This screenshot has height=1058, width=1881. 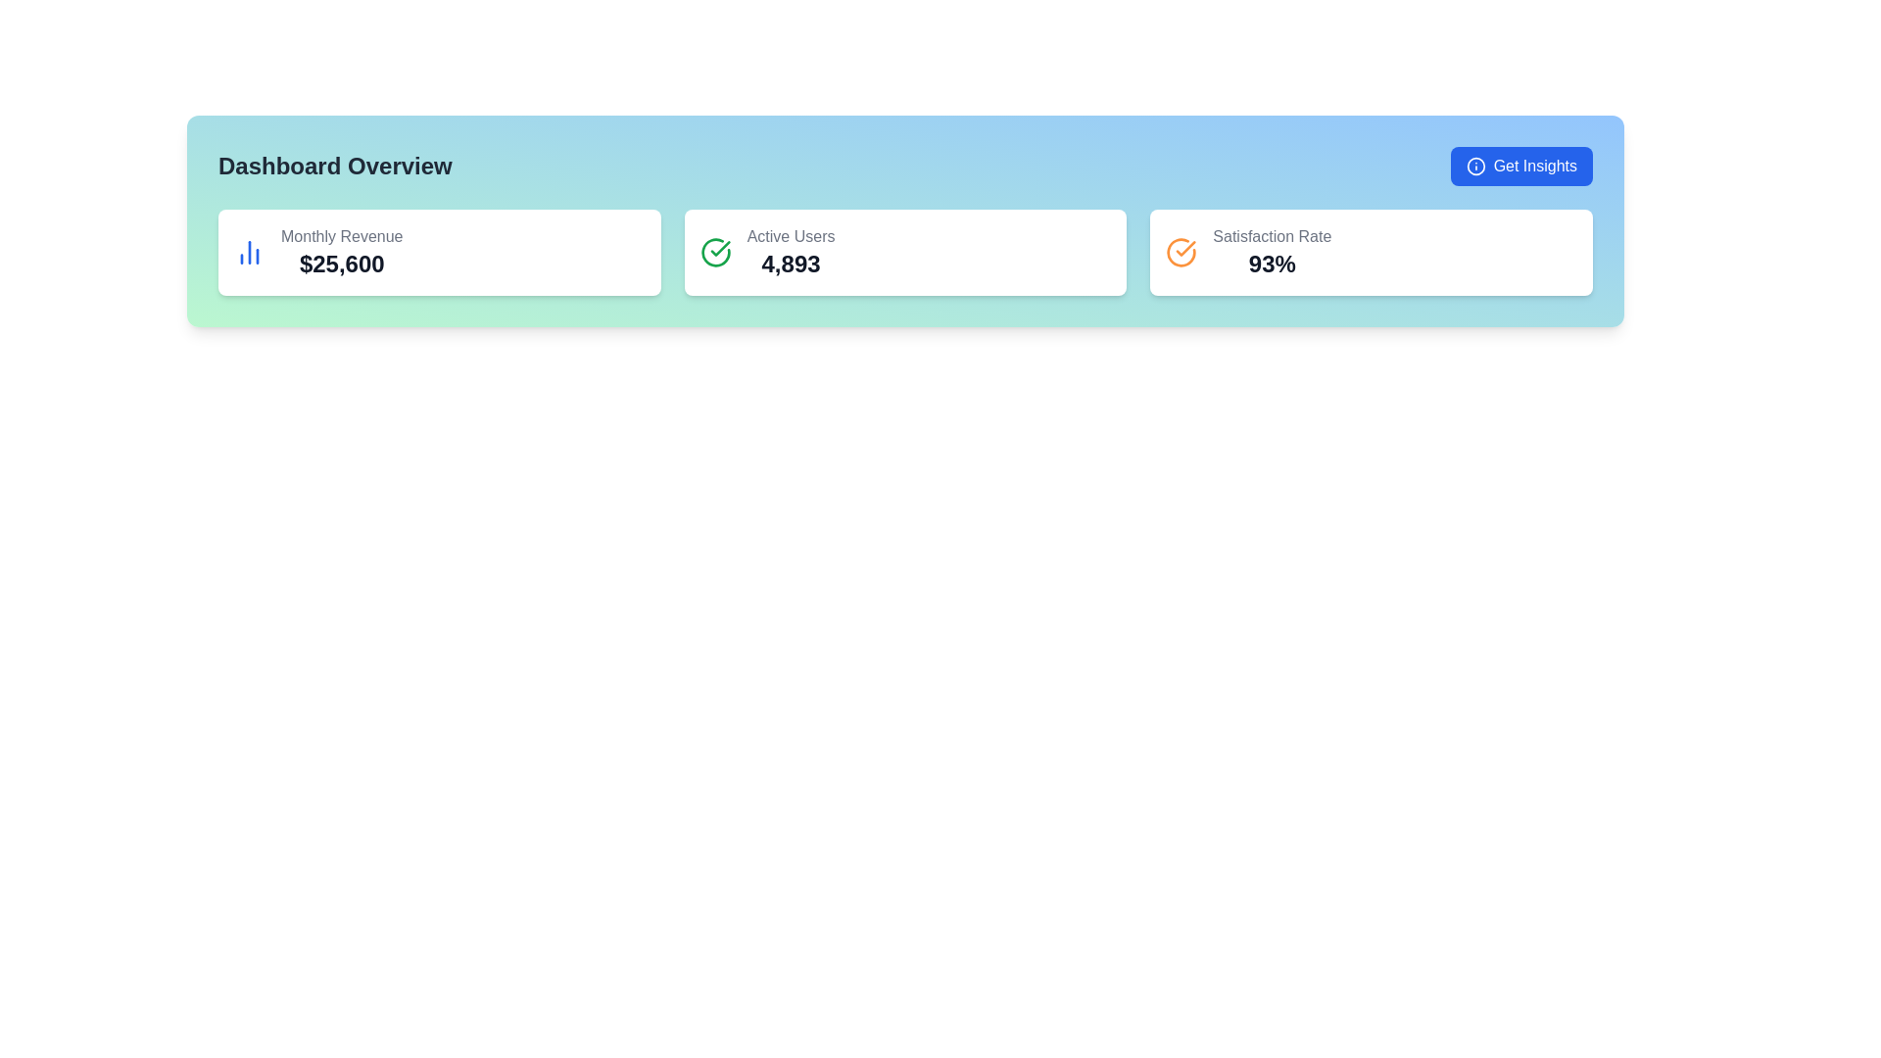 What do you see at coordinates (1272, 236) in the screenshot?
I see `the static text label that describes the satisfaction rate, located at the top of the third card in the dashboard` at bounding box center [1272, 236].